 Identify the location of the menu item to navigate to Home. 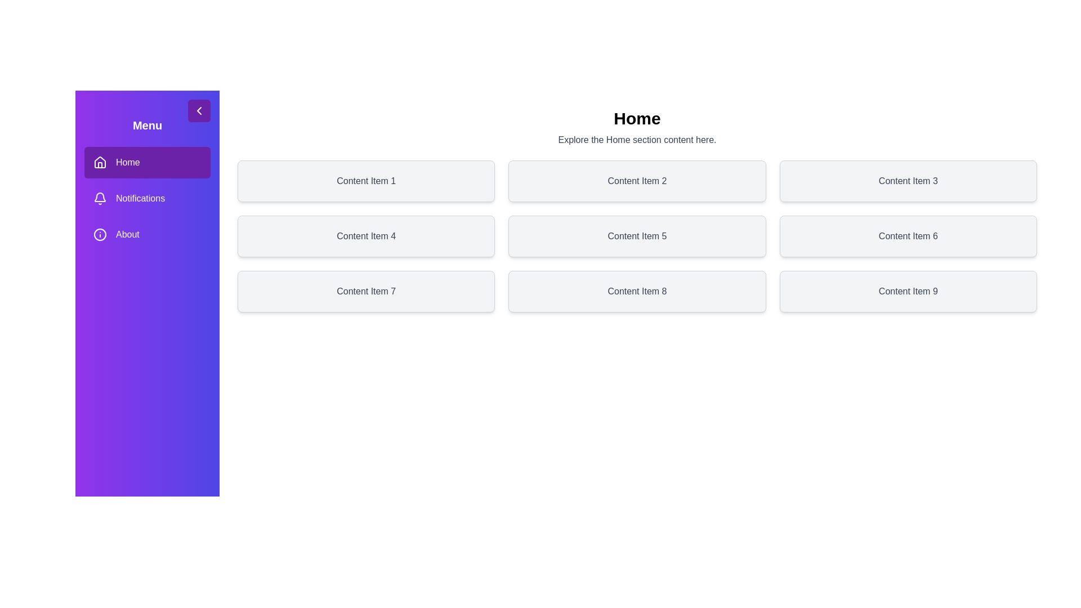
(147, 163).